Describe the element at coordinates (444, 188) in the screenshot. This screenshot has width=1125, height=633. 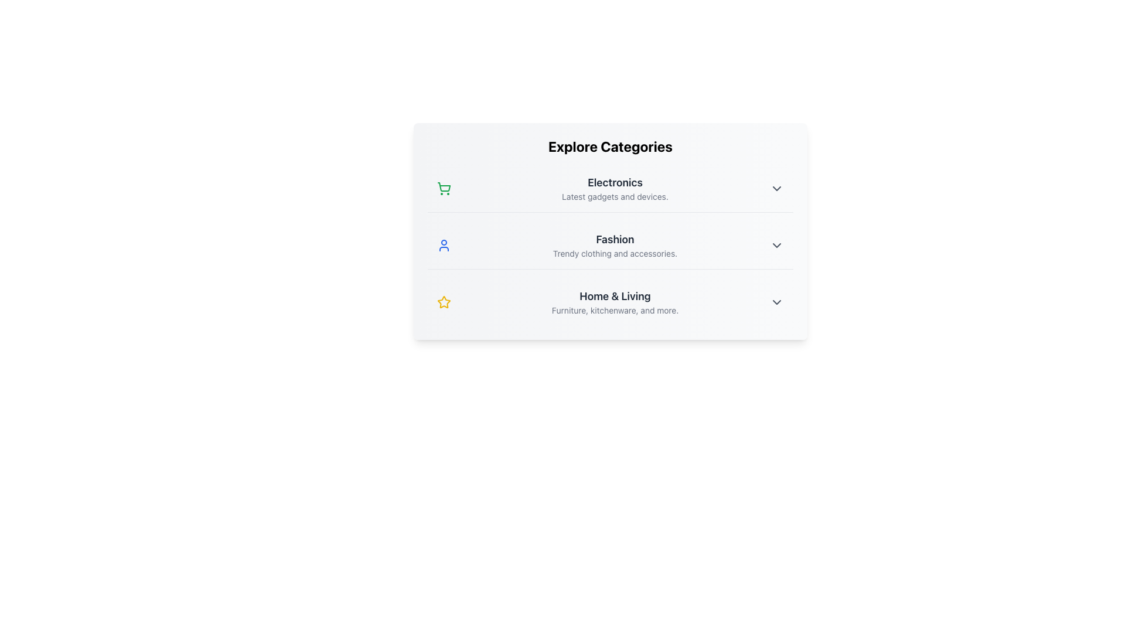
I see `the small green shopping cart icon located to the left of the 'Electronics' row` at that location.